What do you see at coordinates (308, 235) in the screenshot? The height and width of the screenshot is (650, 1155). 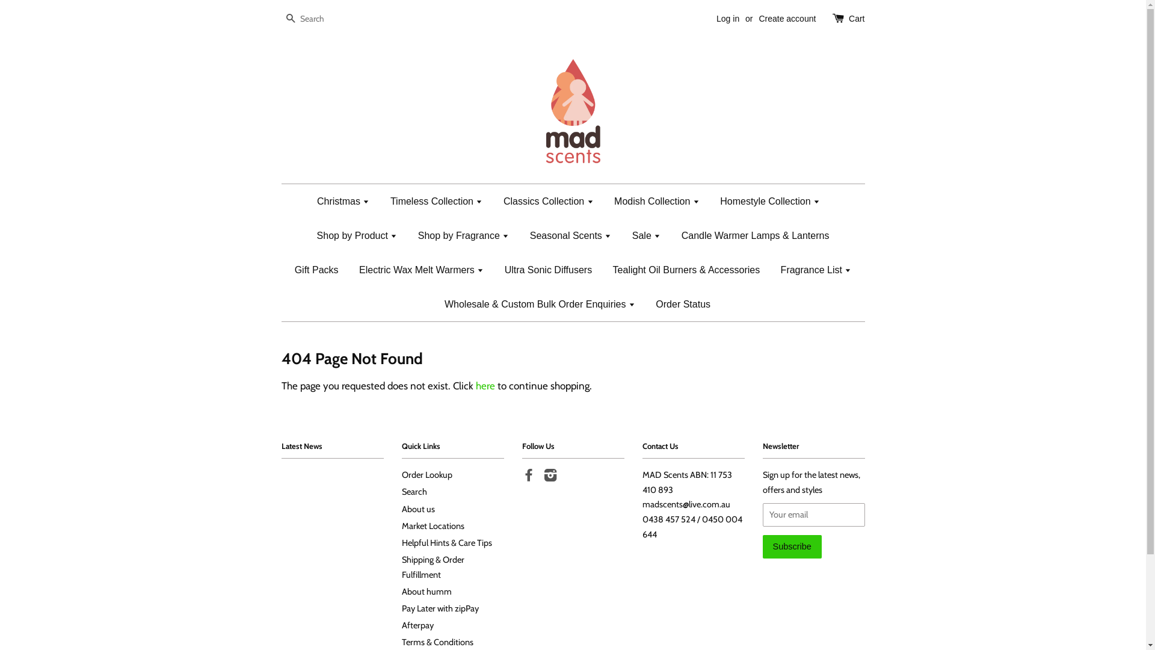 I see `'Shop by Product'` at bounding box center [308, 235].